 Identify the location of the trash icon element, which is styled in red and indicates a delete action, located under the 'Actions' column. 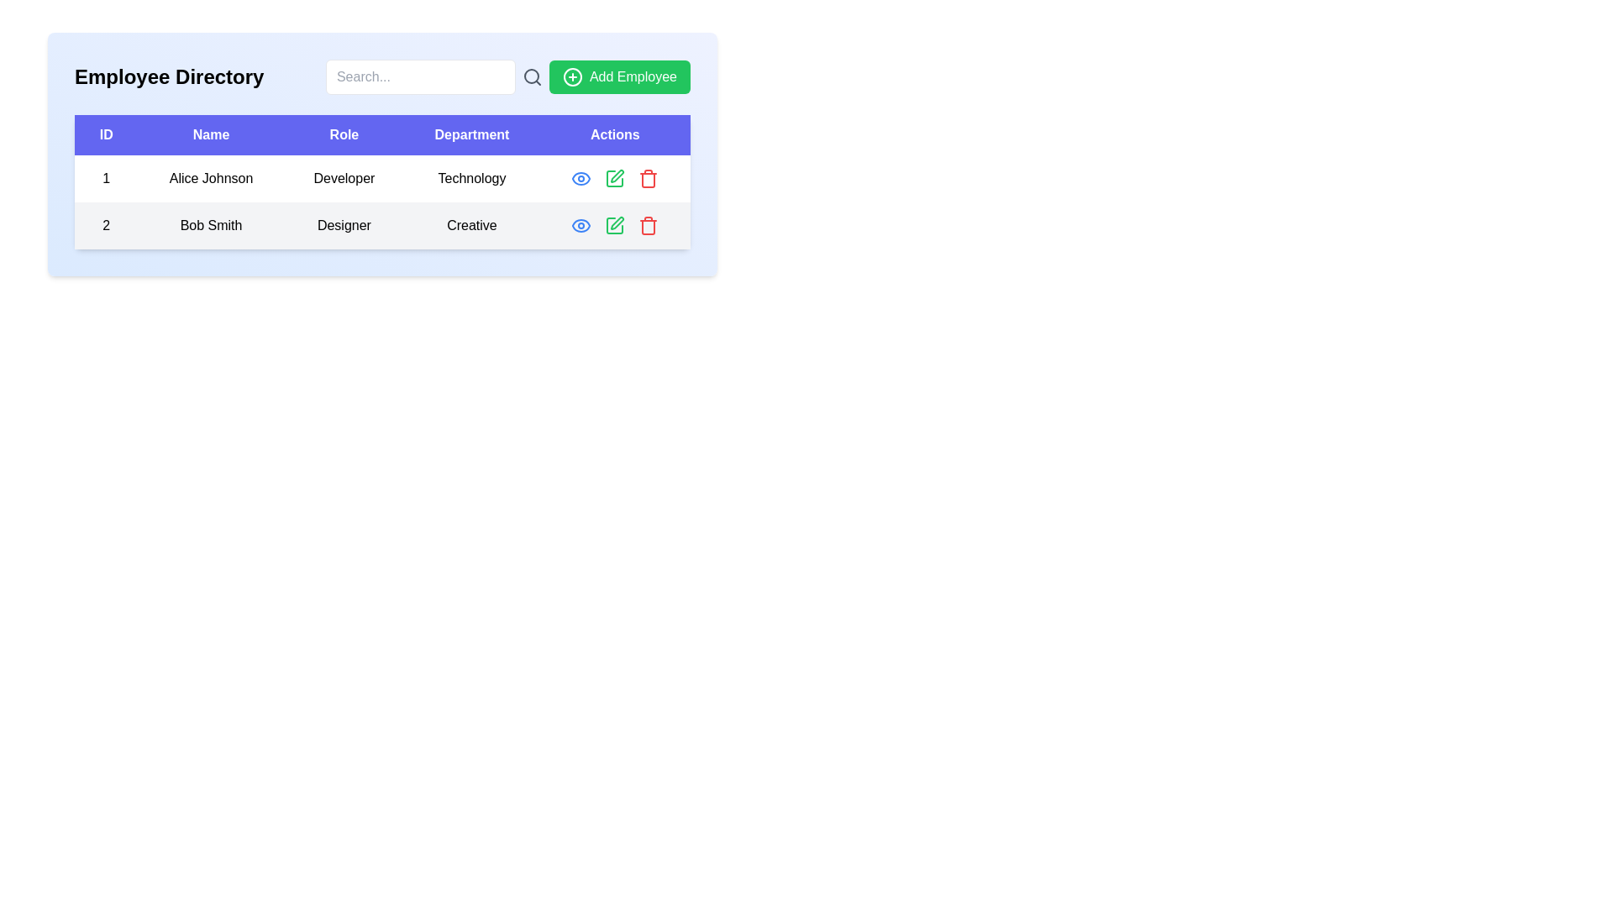
(648, 181).